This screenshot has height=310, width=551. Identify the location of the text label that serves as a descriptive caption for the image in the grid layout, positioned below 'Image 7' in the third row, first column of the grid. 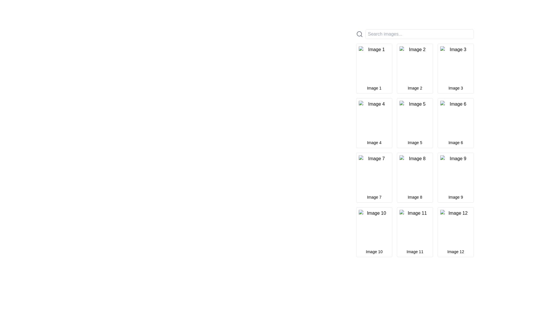
(374, 197).